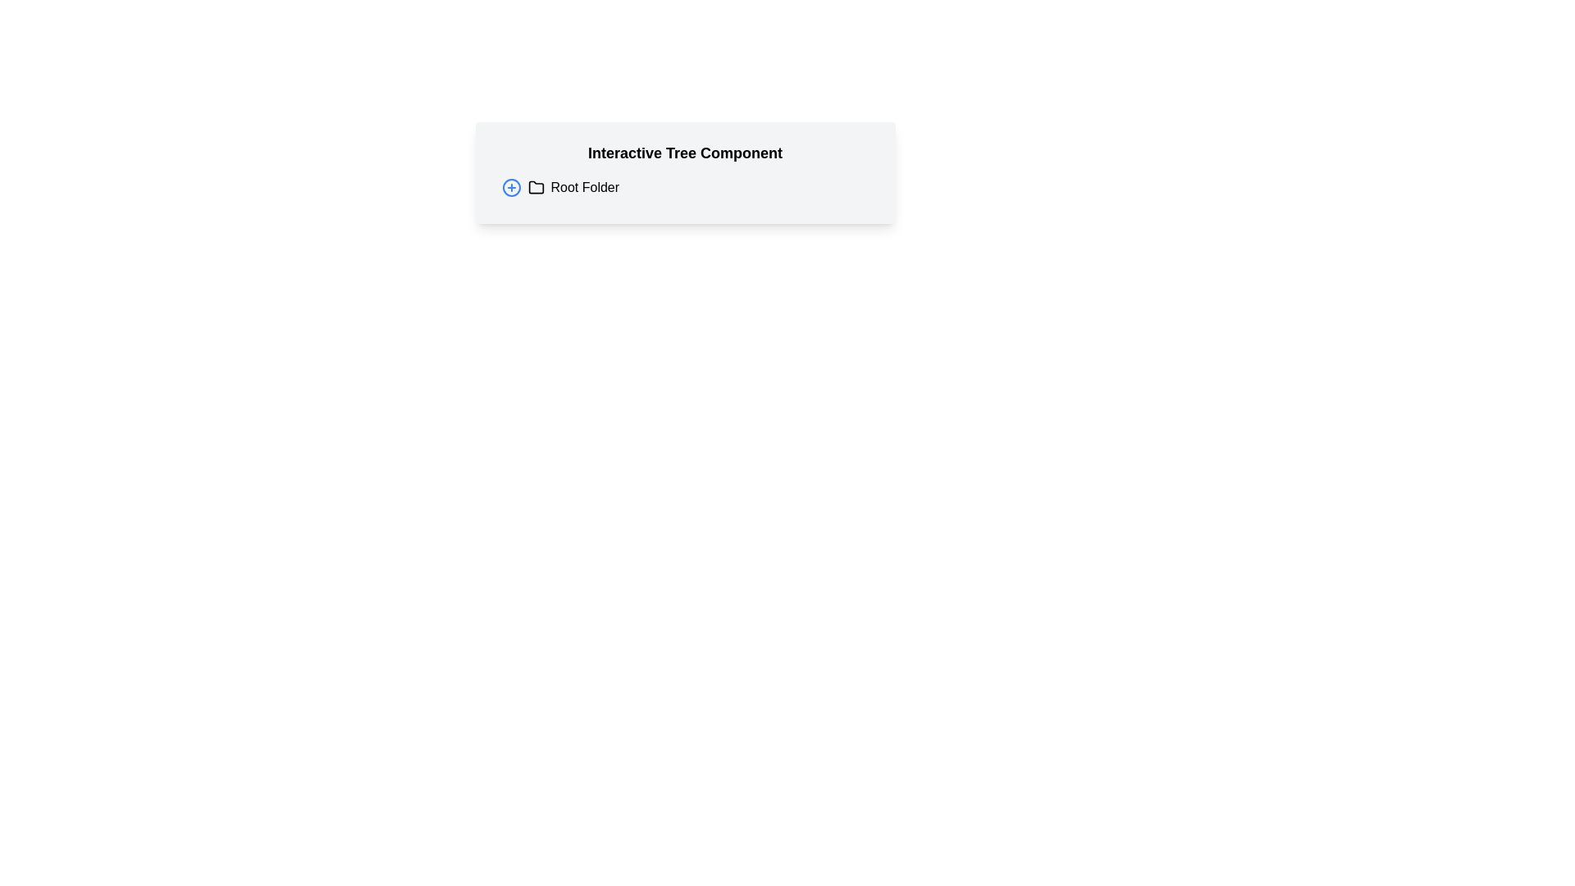  What do you see at coordinates (536, 186) in the screenshot?
I see `the folder icon, which is a minimalist outline styled element located to the left of the 'Root Folder' text label` at bounding box center [536, 186].